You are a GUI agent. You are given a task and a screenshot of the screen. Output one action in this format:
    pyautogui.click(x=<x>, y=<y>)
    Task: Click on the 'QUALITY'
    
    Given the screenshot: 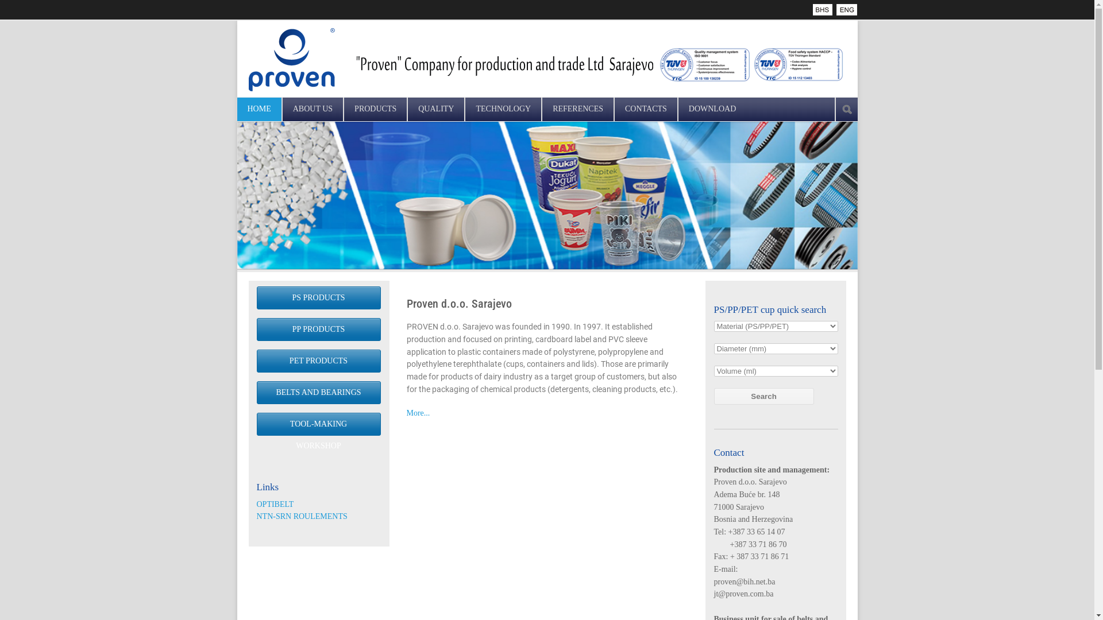 What is the action you would take?
    pyautogui.click(x=407, y=109)
    